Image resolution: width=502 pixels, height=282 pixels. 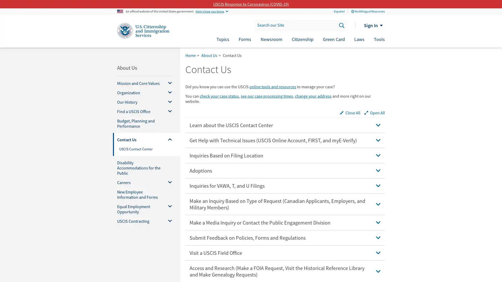 I want to click on Toggle menu for Organization, so click(x=168, y=92).